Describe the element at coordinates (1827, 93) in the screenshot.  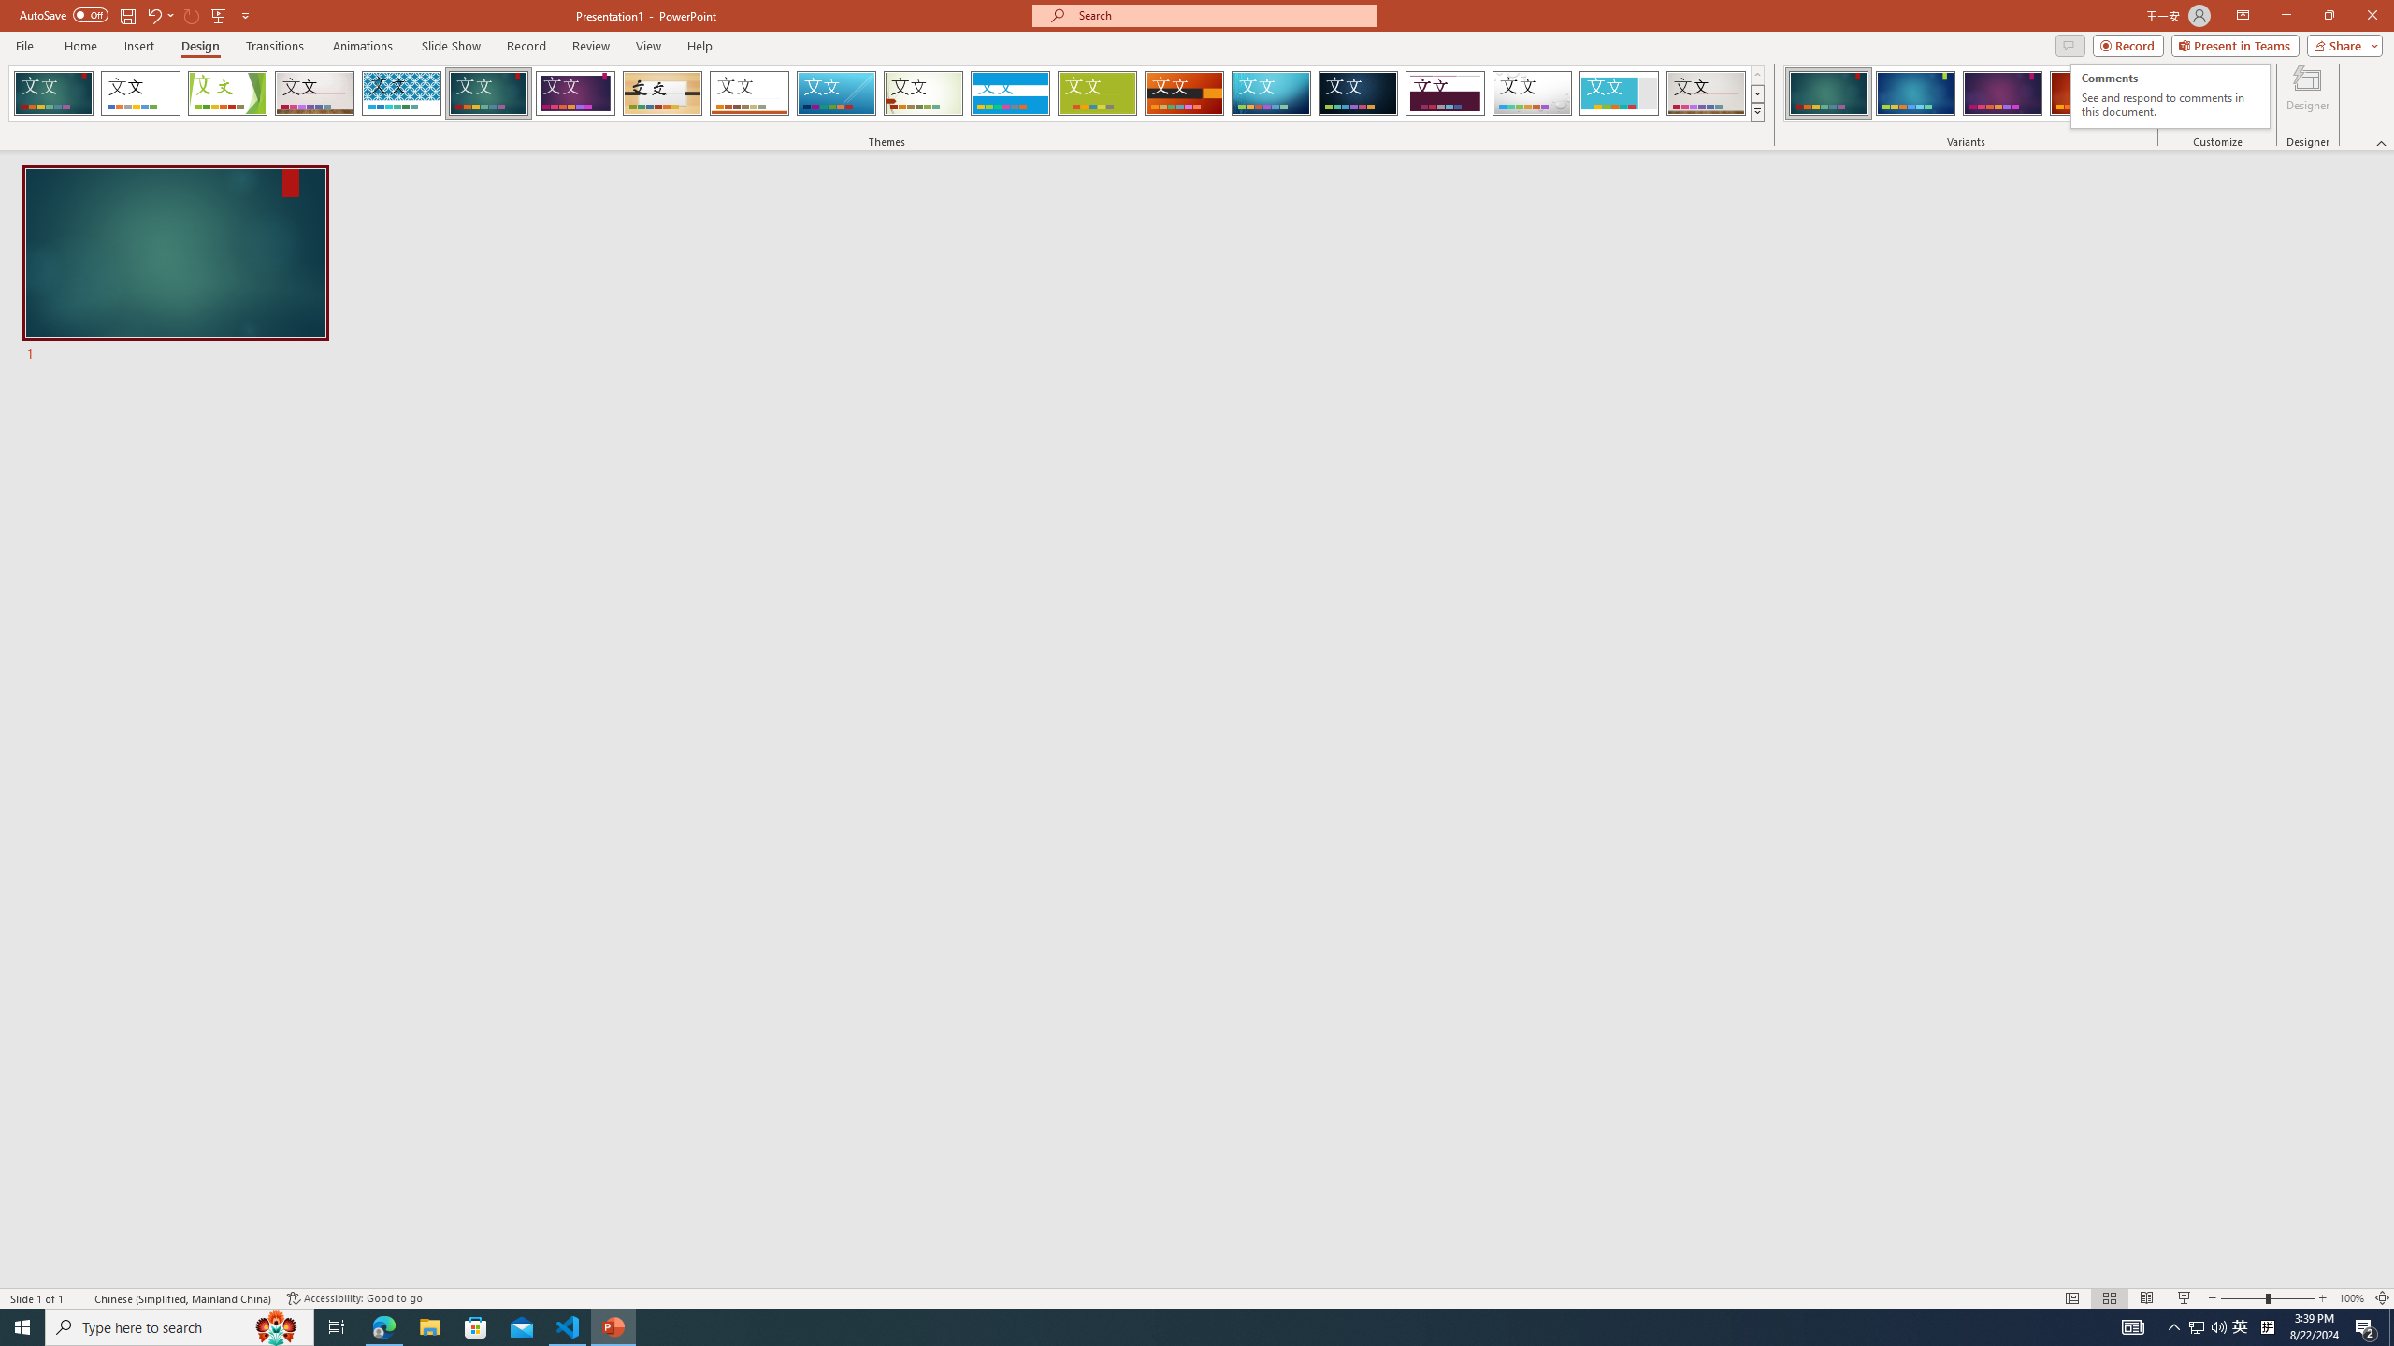
I see `'Ion Variant 1'` at that location.